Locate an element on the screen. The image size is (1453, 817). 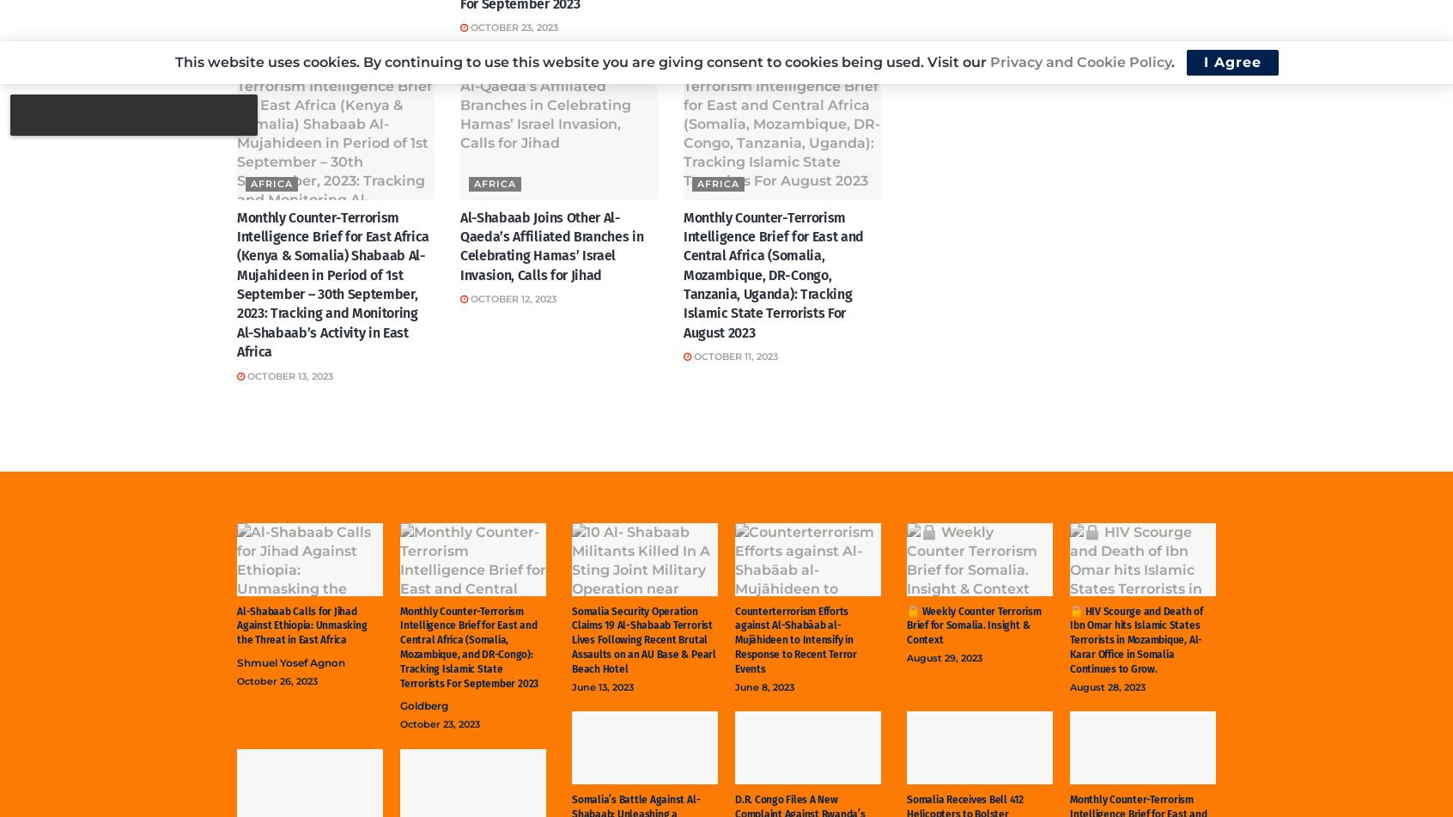
'October 13, 2023' is located at coordinates (288, 375).